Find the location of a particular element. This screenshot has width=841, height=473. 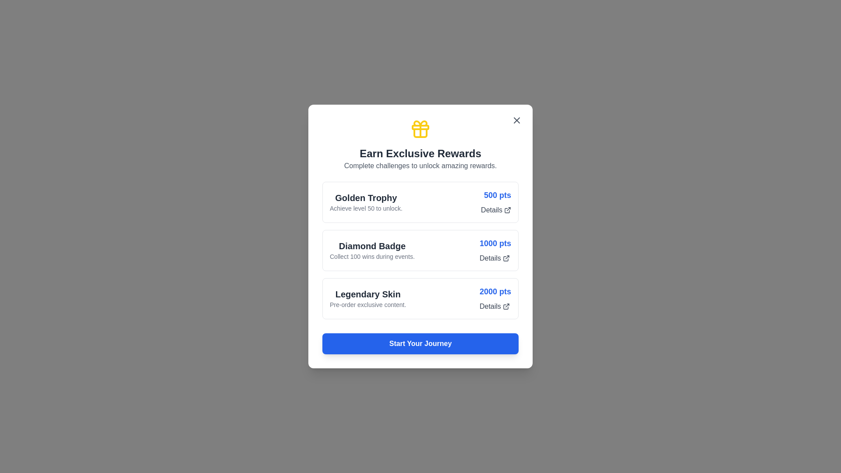

the descriptive subheading or tagline text label located directly below the heading 'Earn Exclusive Rewards' in the centered modal interface is located at coordinates (420, 166).